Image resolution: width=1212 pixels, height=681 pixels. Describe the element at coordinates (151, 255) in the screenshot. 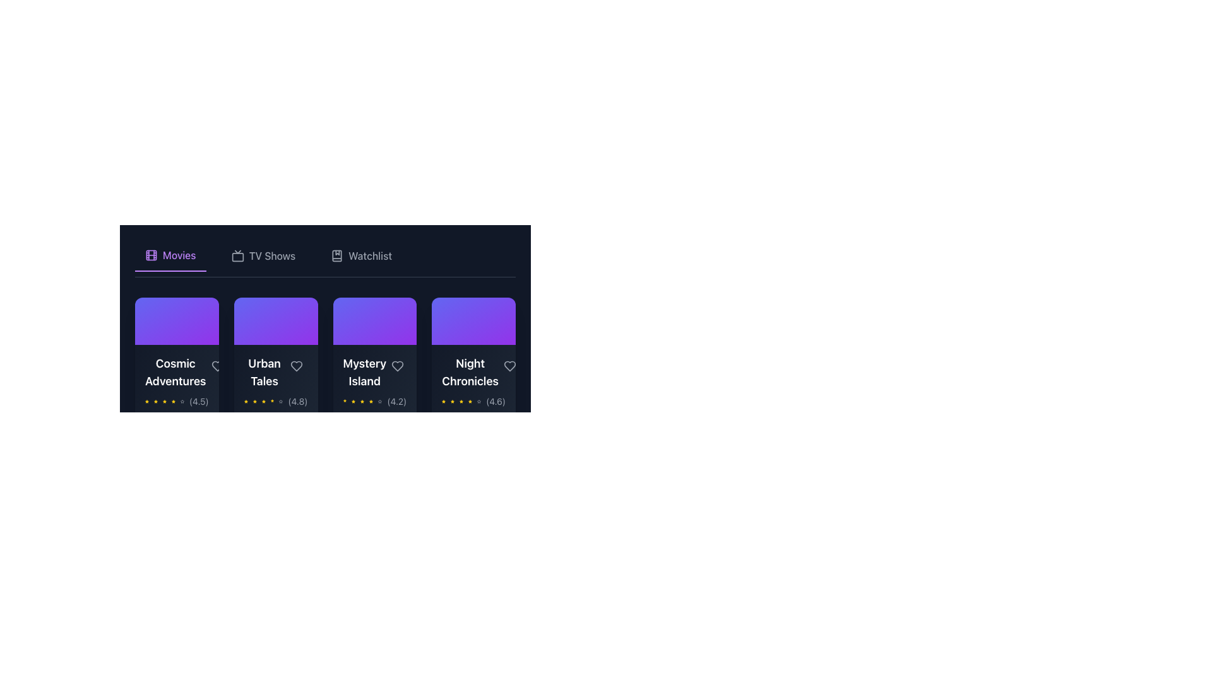

I see `the decorative graphical element that is part of the filmstrip icon located in the top-left corner of the interface near the 'Movies' label` at that location.